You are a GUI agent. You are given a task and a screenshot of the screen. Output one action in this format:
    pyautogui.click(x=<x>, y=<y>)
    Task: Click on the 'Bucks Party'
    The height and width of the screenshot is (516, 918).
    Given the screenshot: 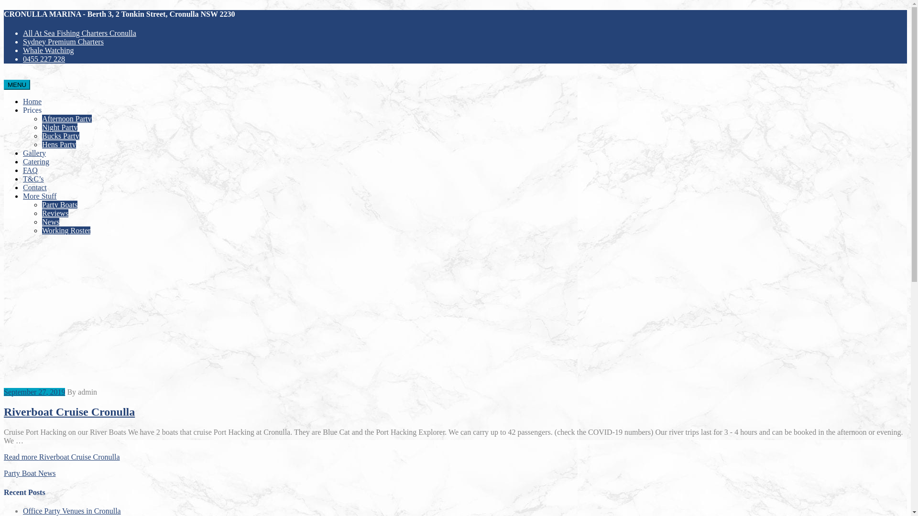 What is the action you would take?
    pyautogui.click(x=60, y=136)
    